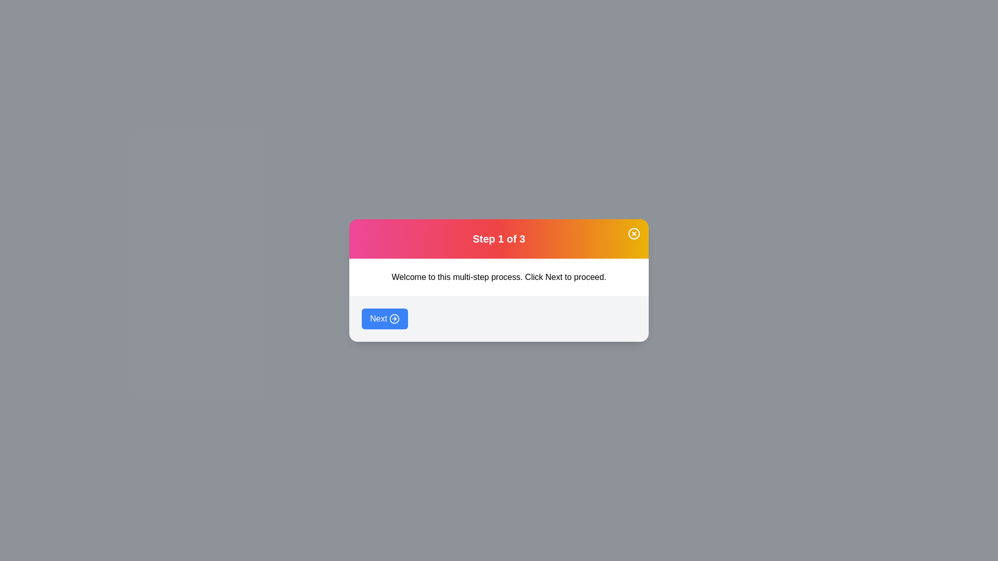 This screenshot has height=561, width=998. Describe the element at coordinates (633, 234) in the screenshot. I see `the 'Close' button to close the dialog` at that location.